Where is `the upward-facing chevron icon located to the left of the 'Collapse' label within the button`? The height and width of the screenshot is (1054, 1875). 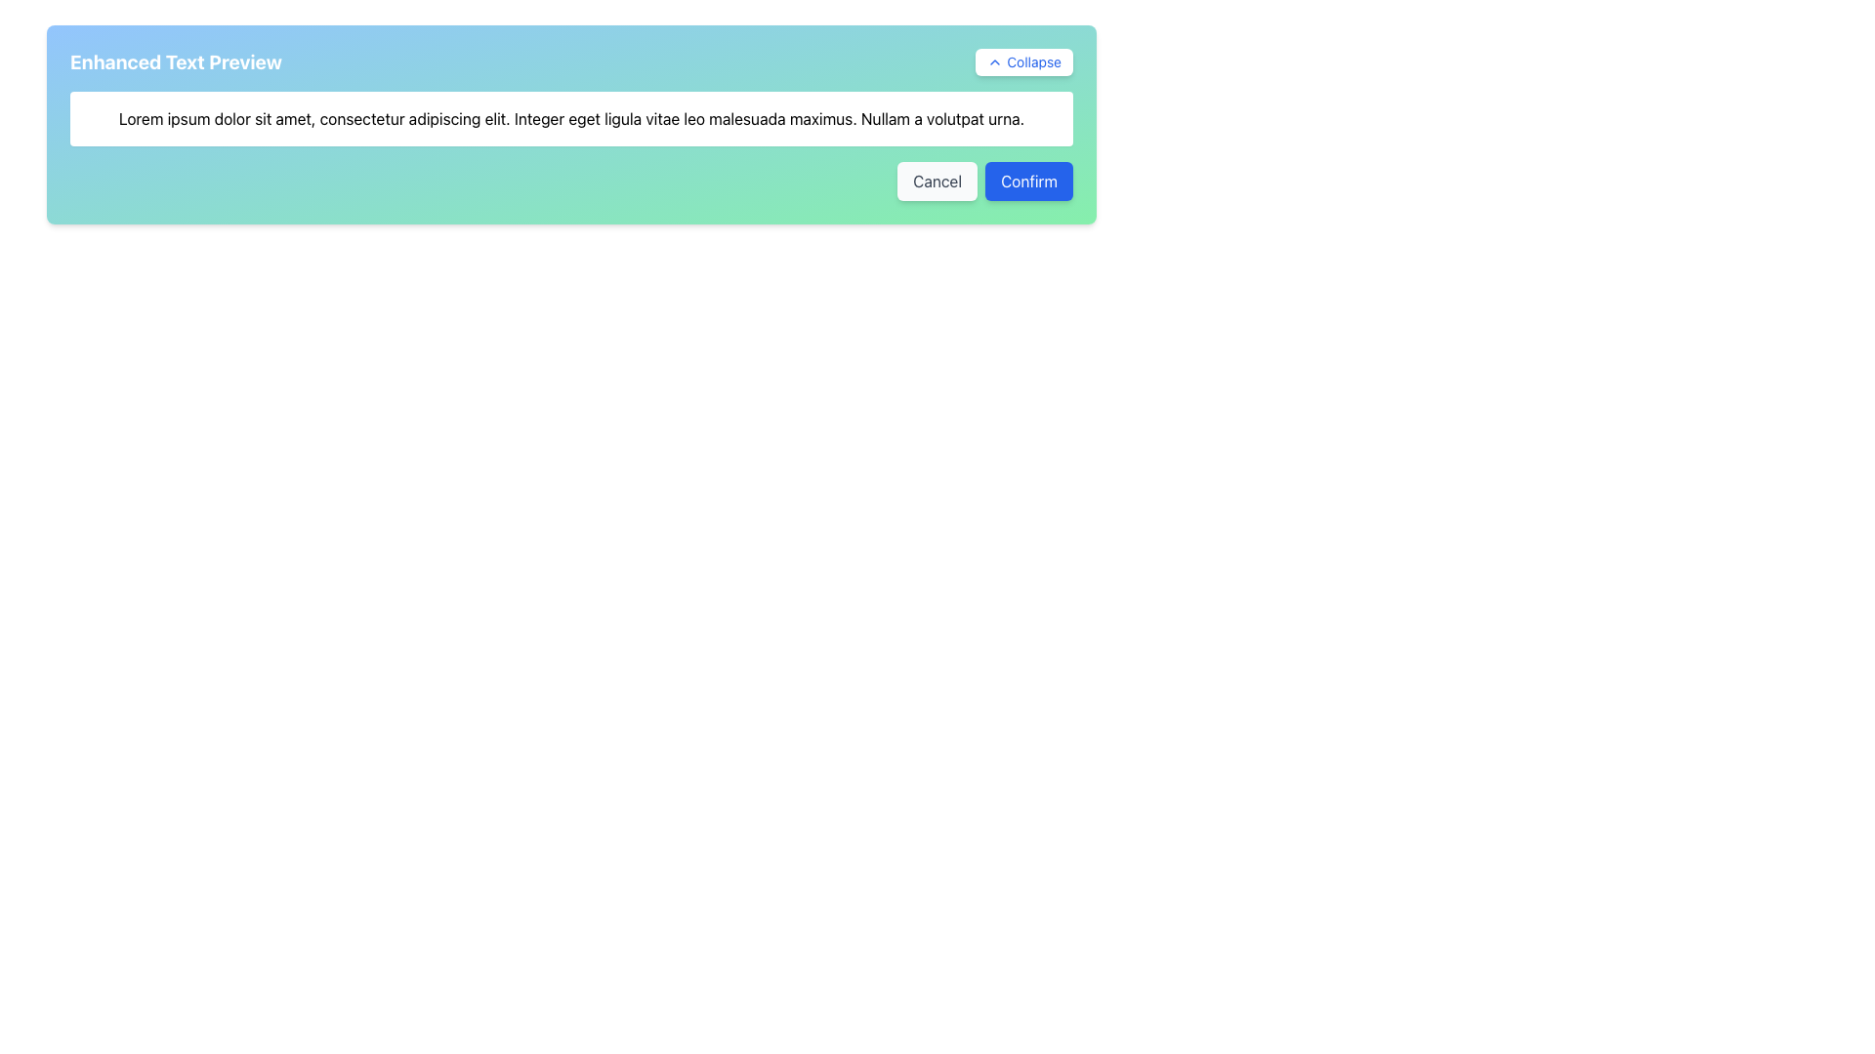
the upward-facing chevron icon located to the left of the 'Collapse' label within the button is located at coordinates (995, 61).